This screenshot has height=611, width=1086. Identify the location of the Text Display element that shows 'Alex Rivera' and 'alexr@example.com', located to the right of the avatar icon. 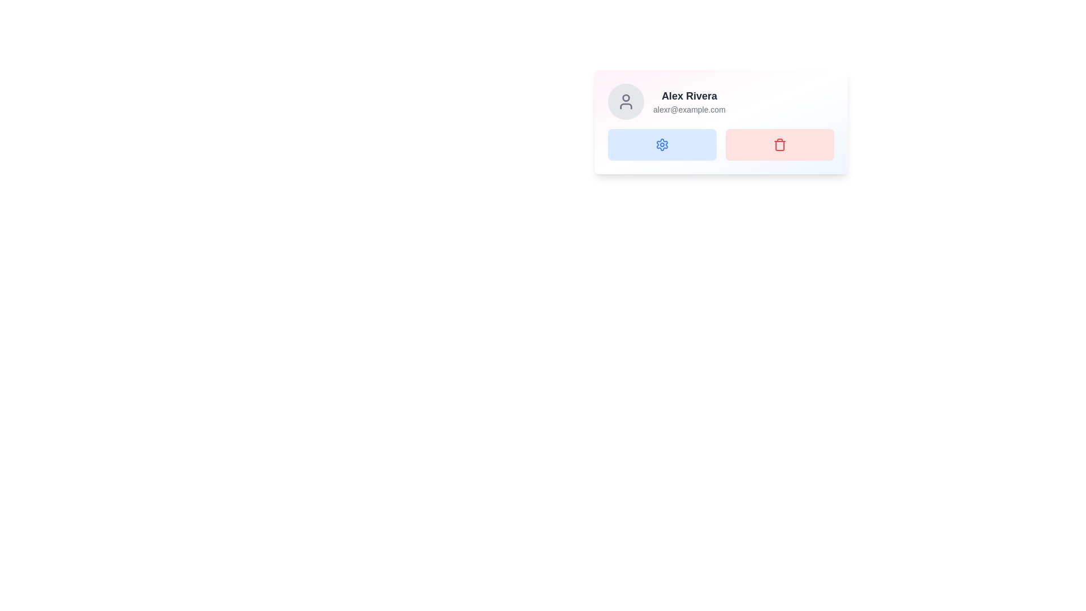
(688, 102).